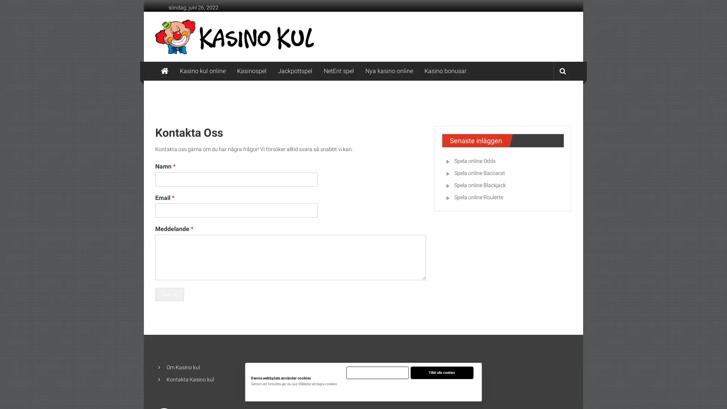 This screenshot has height=409, width=727. I want to click on Justera installningar, so click(409, 389).